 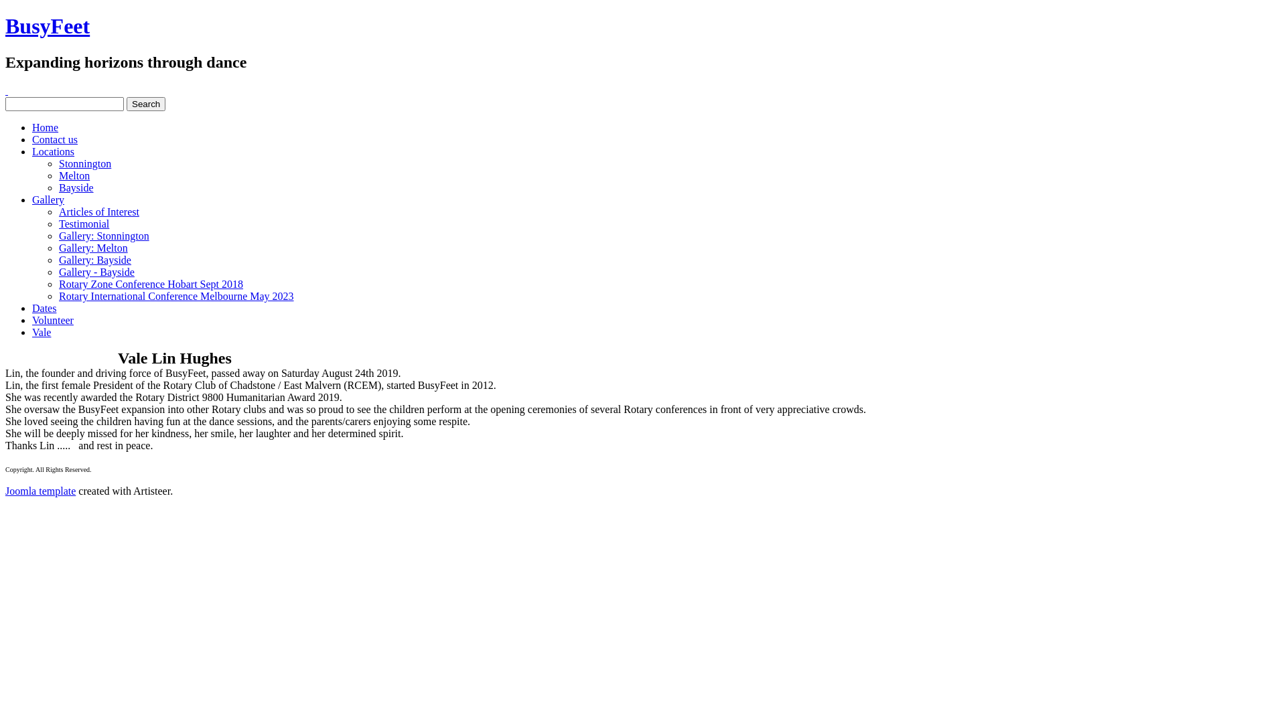 I want to click on 'Home', so click(x=32, y=127).